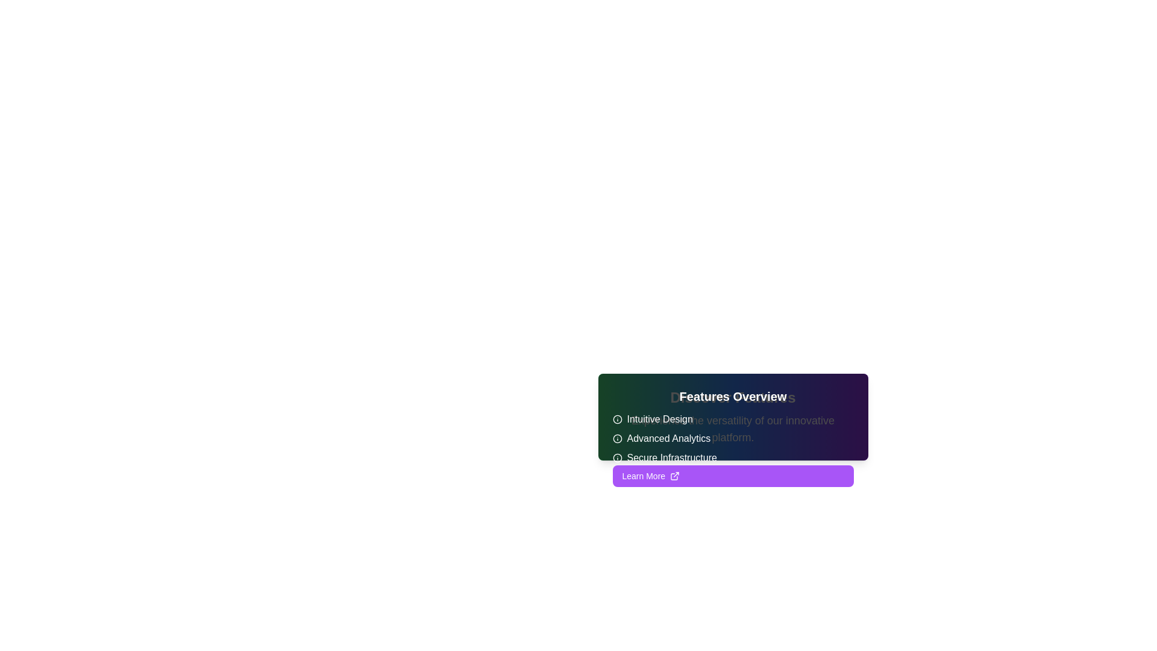 This screenshot has height=651, width=1157. Describe the element at coordinates (617, 458) in the screenshot. I see `the decorative vector graphic component that serves as an indicative icon next to the text 'Secure Infrastructure'` at that location.